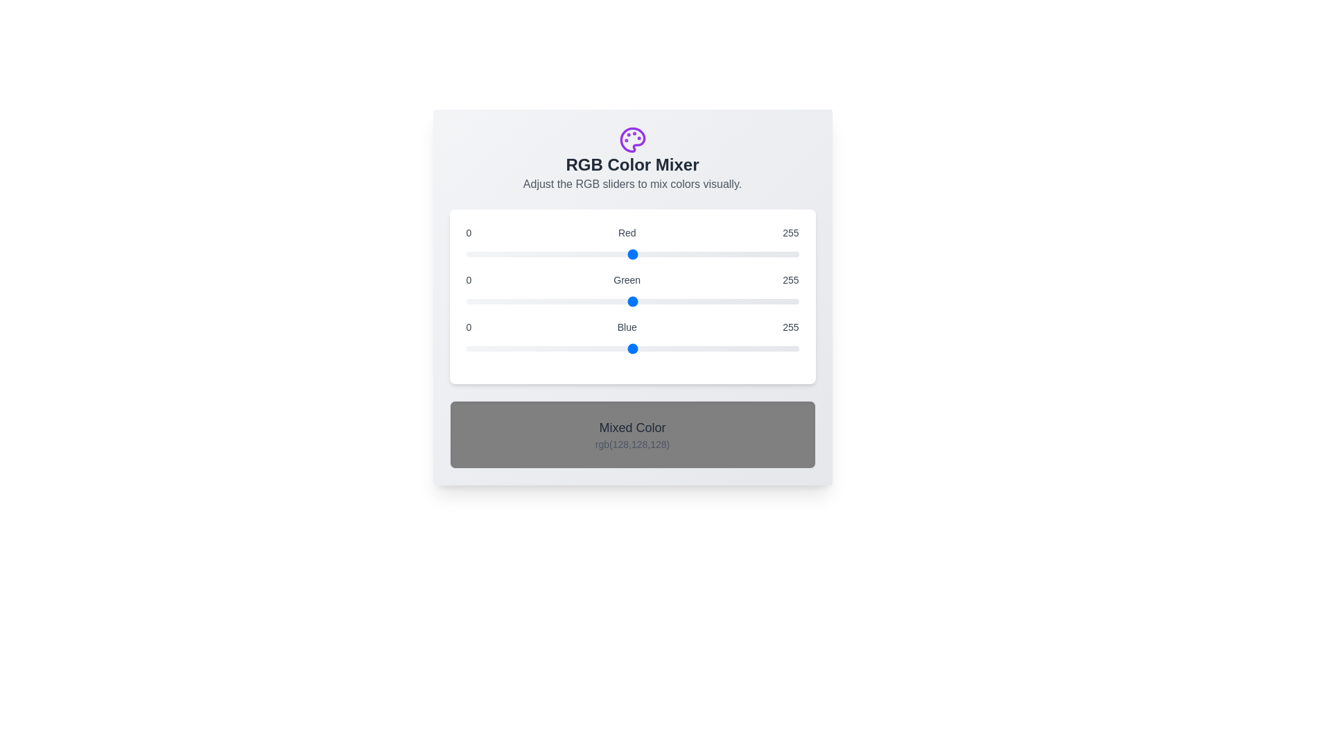 The height and width of the screenshot is (749, 1331). Describe the element at coordinates (749, 254) in the screenshot. I see `the red slider to set the red component to 218` at that location.